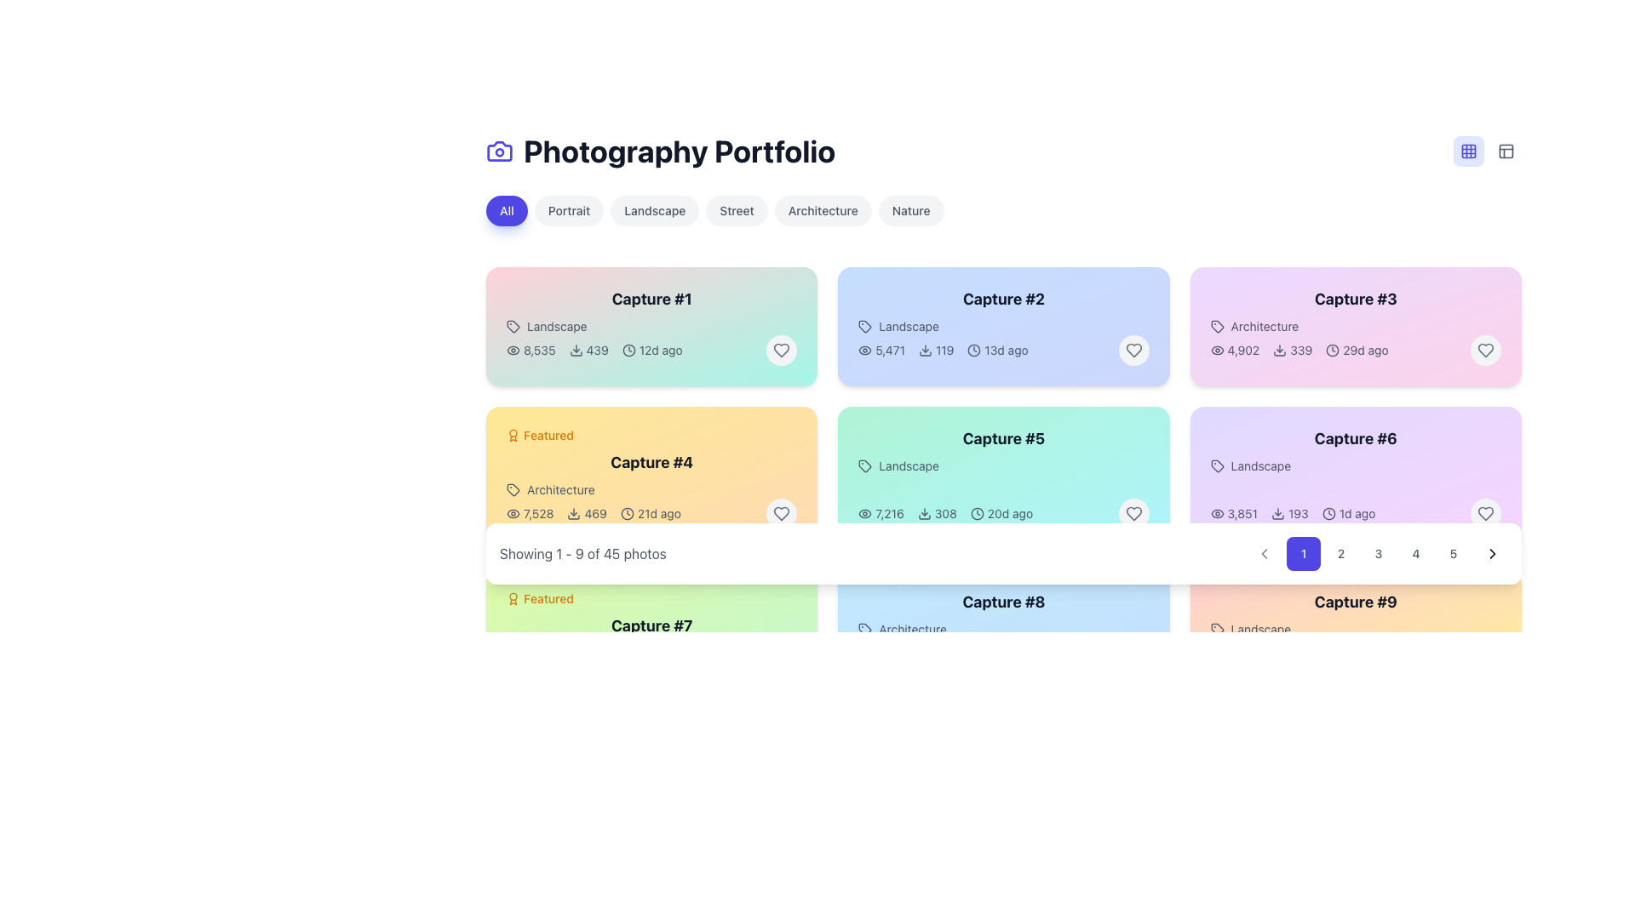  Describe the element at coordinates (651, 513) in the screenshot. I see `the textual metadata element displaying view count, download count, and time since upload in the bottom section of the 'Capture #4' card` at that location.